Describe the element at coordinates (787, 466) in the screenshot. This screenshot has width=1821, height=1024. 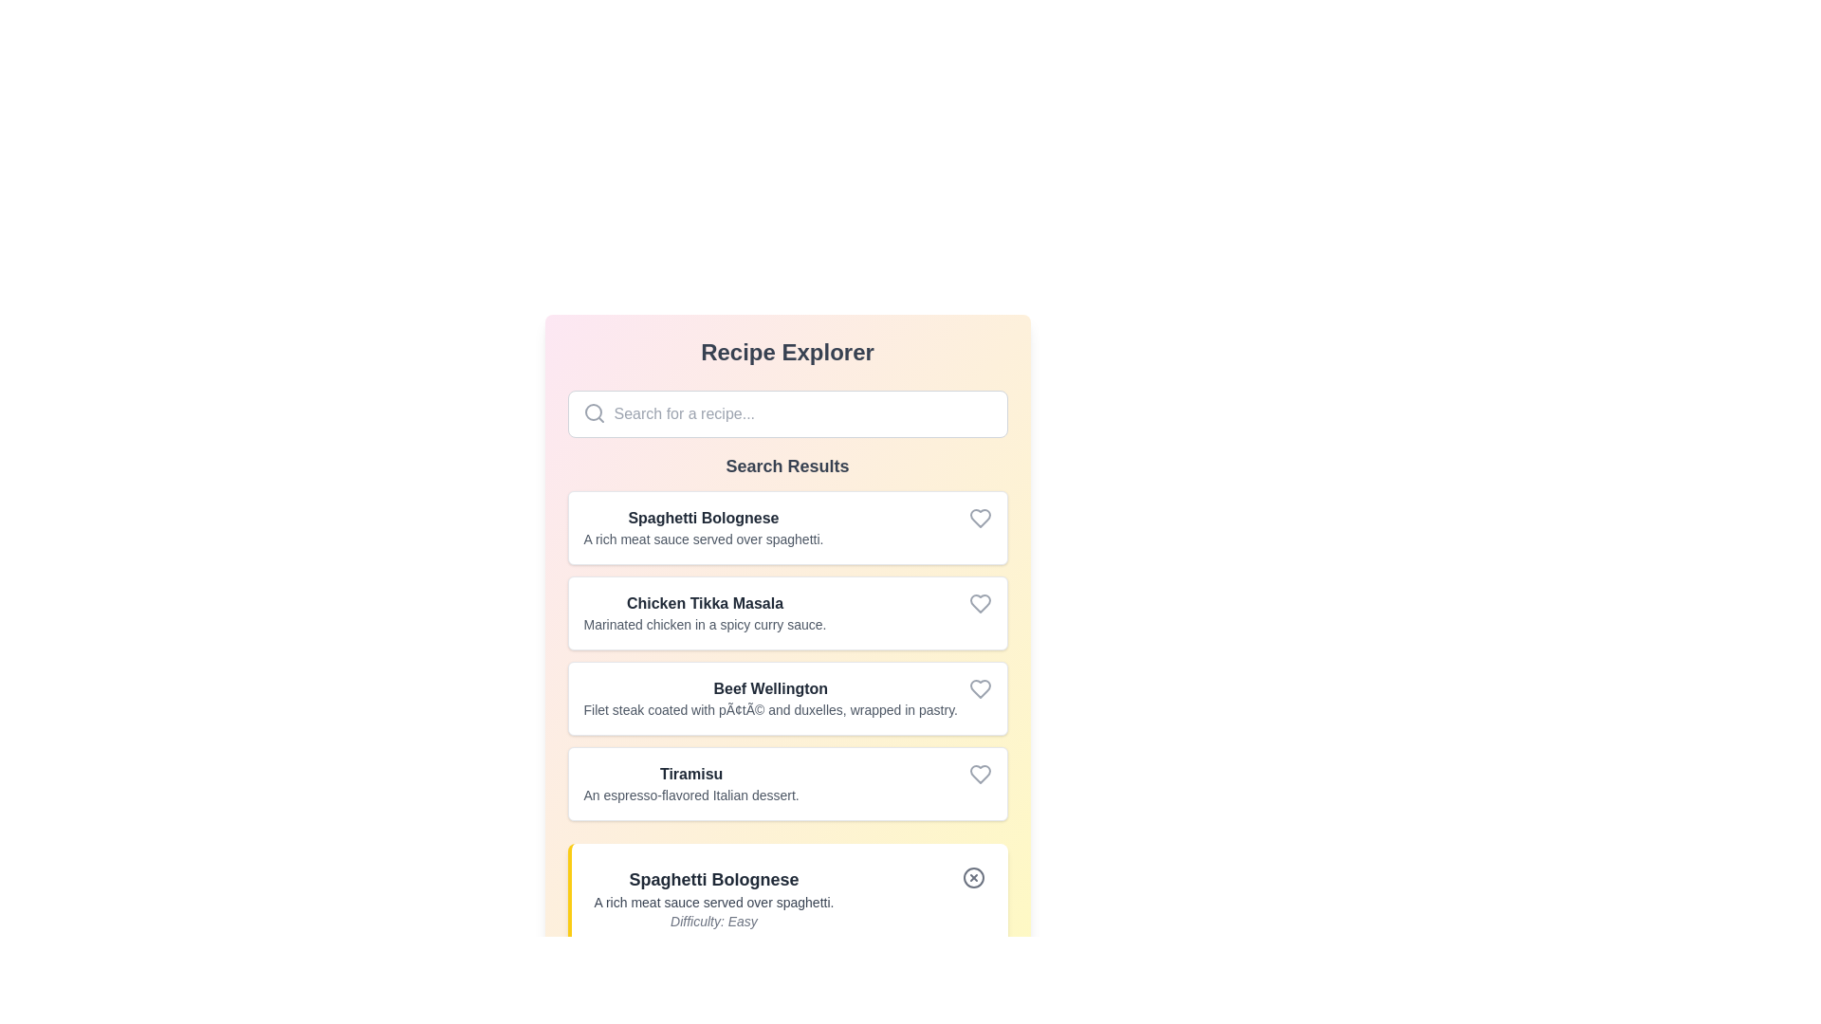
I see `the 'Search Results' header indicating the results of a search, which is located below a search bar and above a list of recipe items` at that location.